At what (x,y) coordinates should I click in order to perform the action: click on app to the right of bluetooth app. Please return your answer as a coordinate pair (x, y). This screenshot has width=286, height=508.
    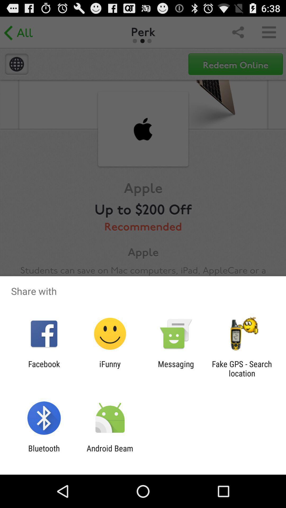
    Looking at the image, I should click on (110, 453).